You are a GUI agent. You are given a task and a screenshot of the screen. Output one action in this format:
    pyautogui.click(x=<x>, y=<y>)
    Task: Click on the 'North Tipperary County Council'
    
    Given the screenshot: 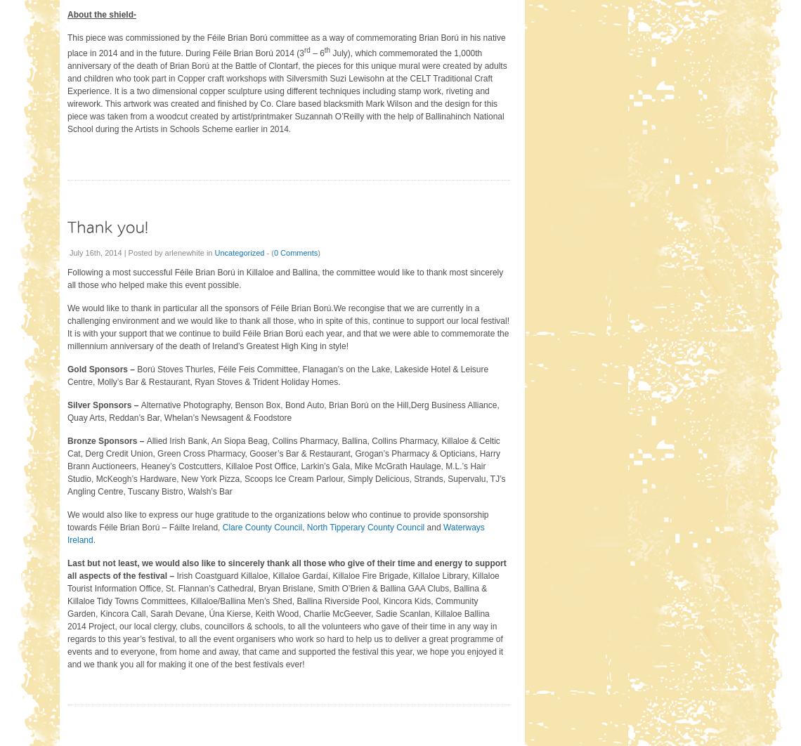 What is the action you would take?
    pyautogui.click(x=364, y=526)
    